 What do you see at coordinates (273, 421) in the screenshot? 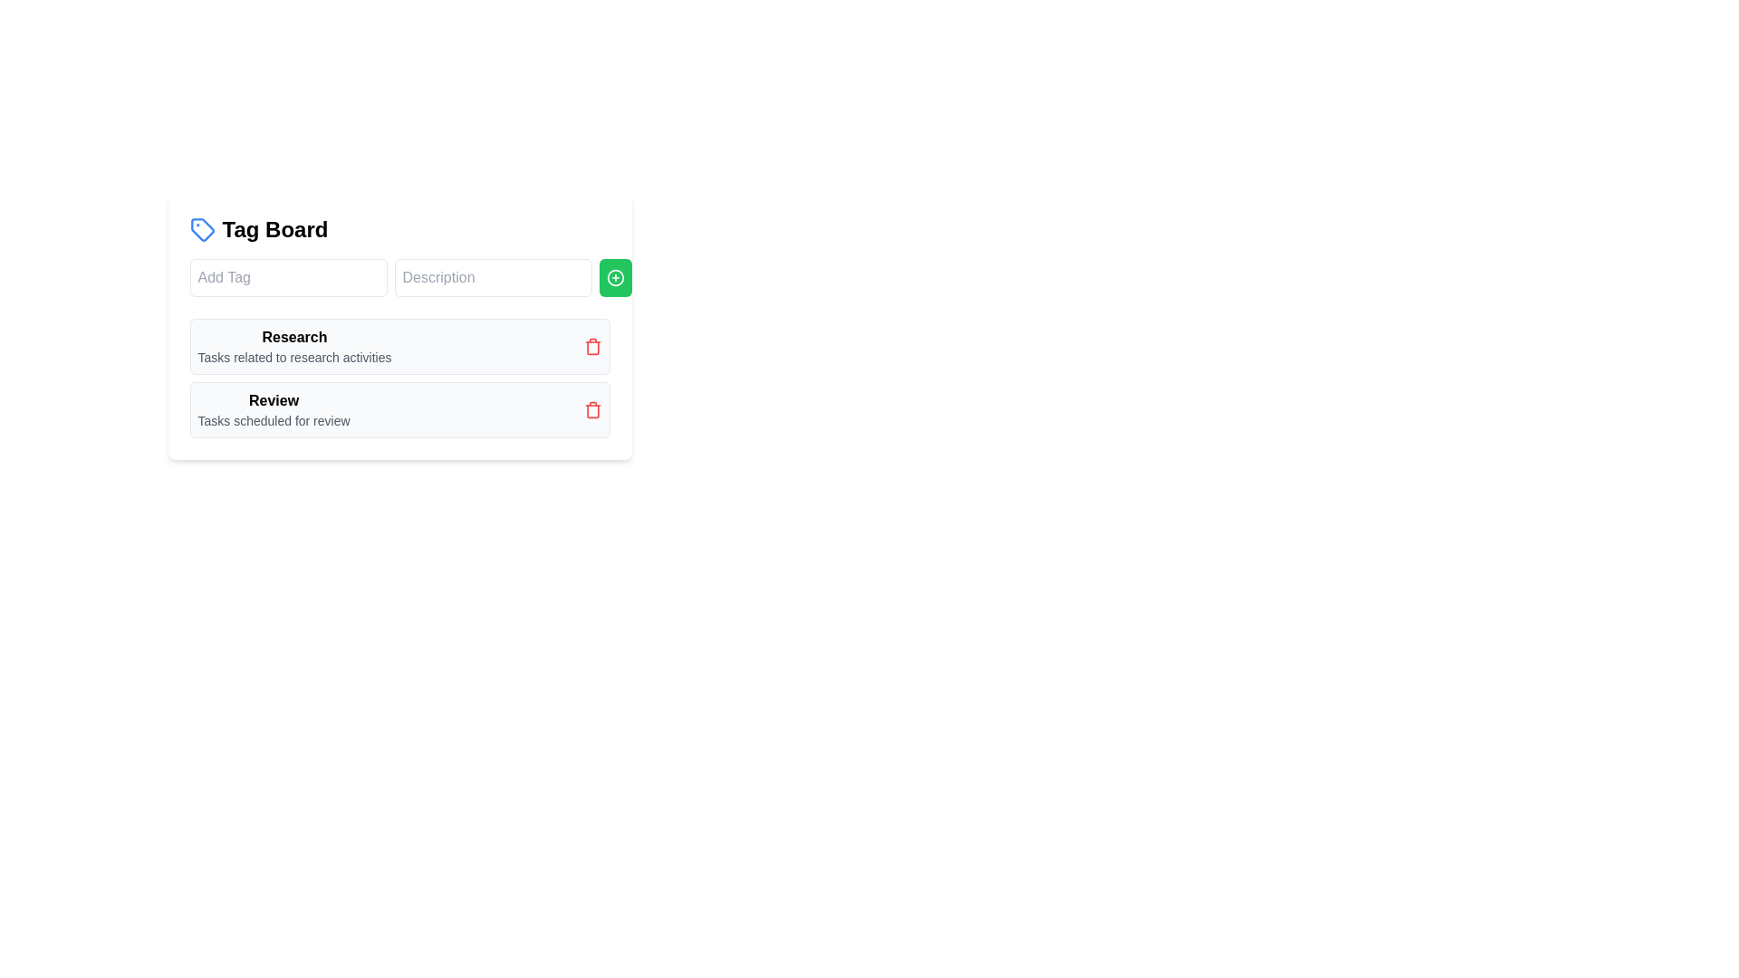
I see `the second text label that provides additional information about the 'Review' section by moving the cursor to its center point` at bounding box center [273, 421].